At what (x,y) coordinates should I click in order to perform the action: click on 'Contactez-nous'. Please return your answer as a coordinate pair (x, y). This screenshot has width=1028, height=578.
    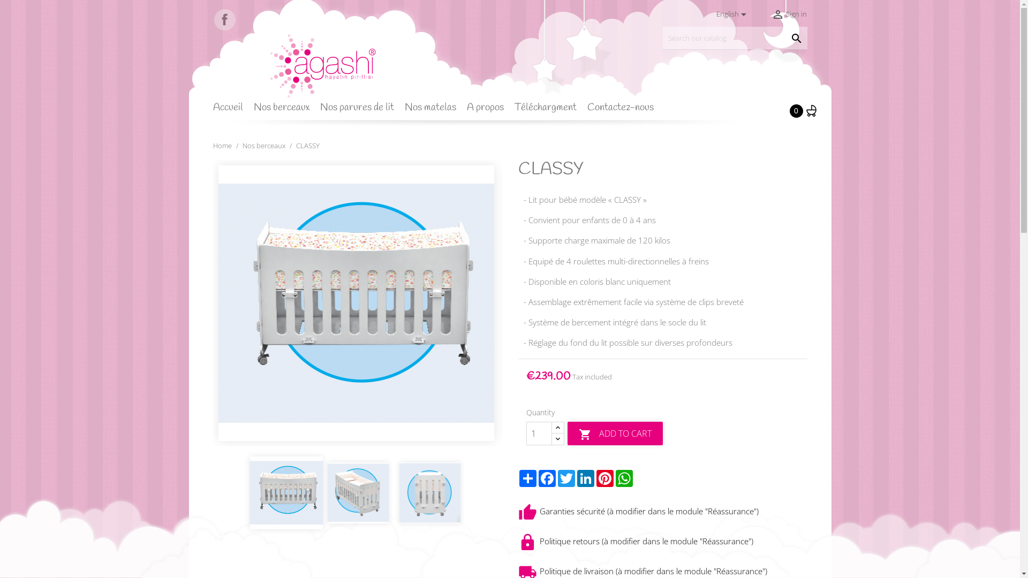
    Looking at the image, I should click on (624, 111).